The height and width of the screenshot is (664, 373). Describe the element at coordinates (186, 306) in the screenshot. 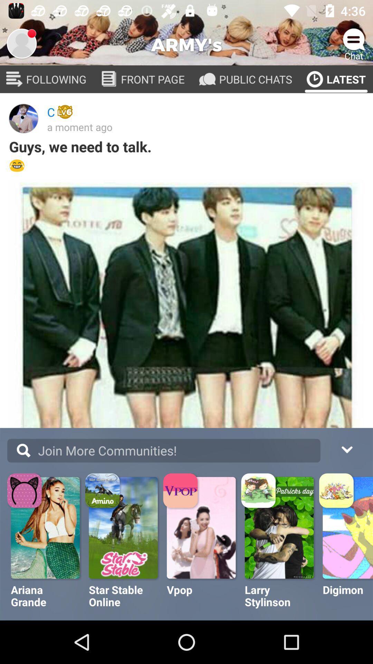

I see `the big image that is shown` at that location.